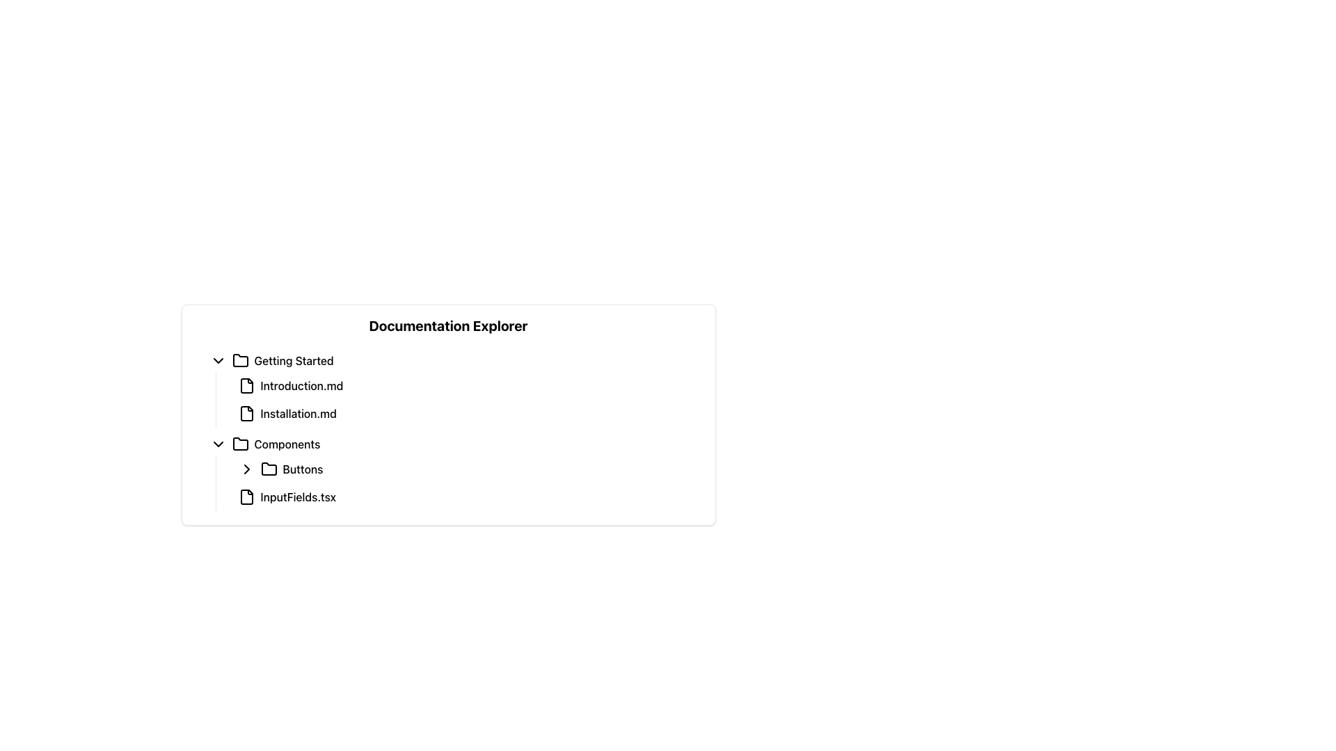 This screenshot has height=751, width=1336. Describe the element at coordinates (246, 469) in the screenshot. I see `the SVG chevron icon that indicates the expandability of the 'Buttons' folder in the Documentation Explorer` at that location.